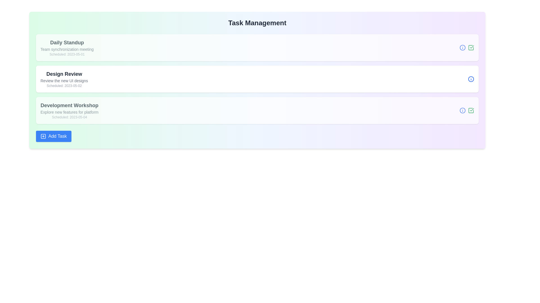  I want to click on the Info icon associated with a task to inspect its details, so click(463, 47).